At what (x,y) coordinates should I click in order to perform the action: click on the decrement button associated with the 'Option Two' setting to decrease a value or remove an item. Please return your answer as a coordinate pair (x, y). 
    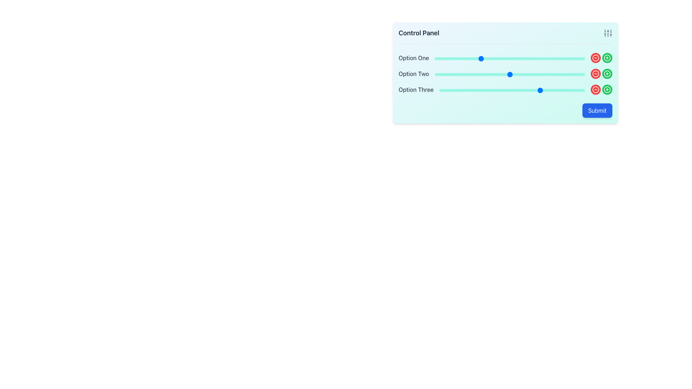
    Looking at the image, I should click on (595, 73).